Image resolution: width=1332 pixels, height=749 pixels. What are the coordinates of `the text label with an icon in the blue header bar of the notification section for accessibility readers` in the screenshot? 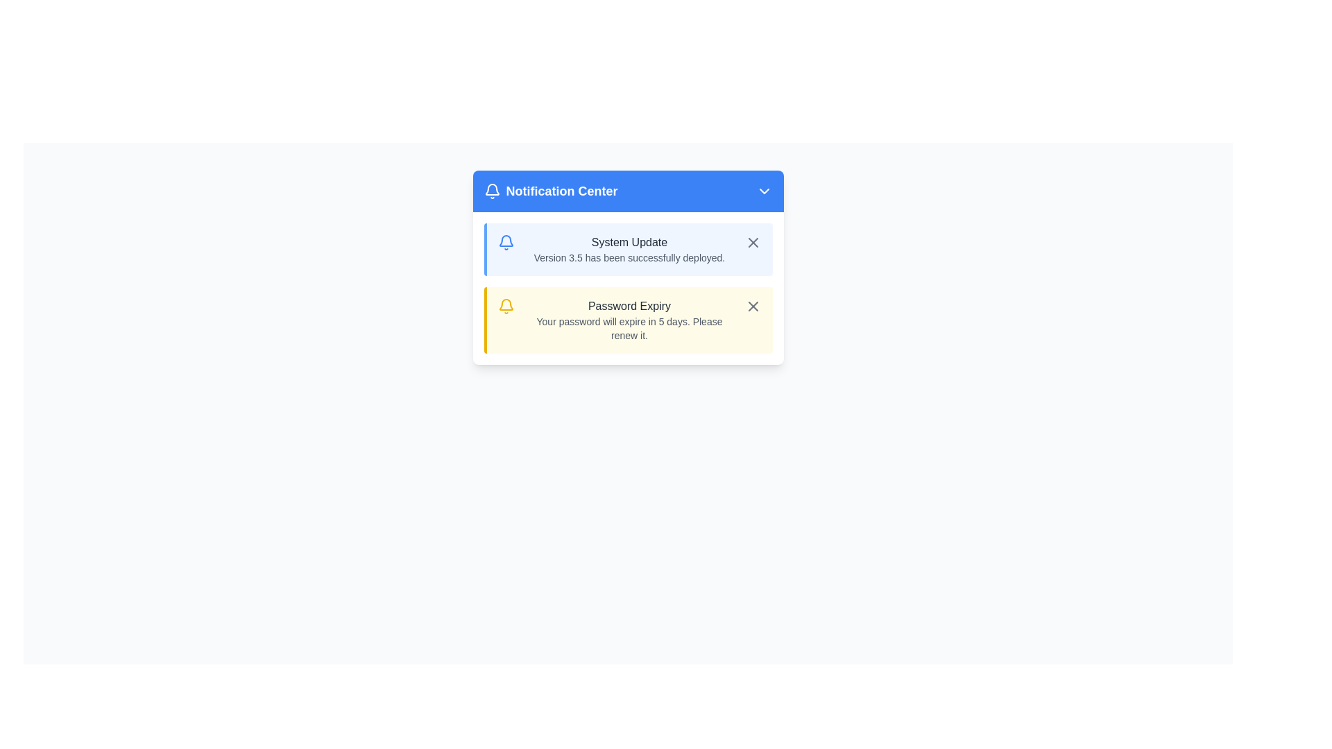 It's located at (549, 191).